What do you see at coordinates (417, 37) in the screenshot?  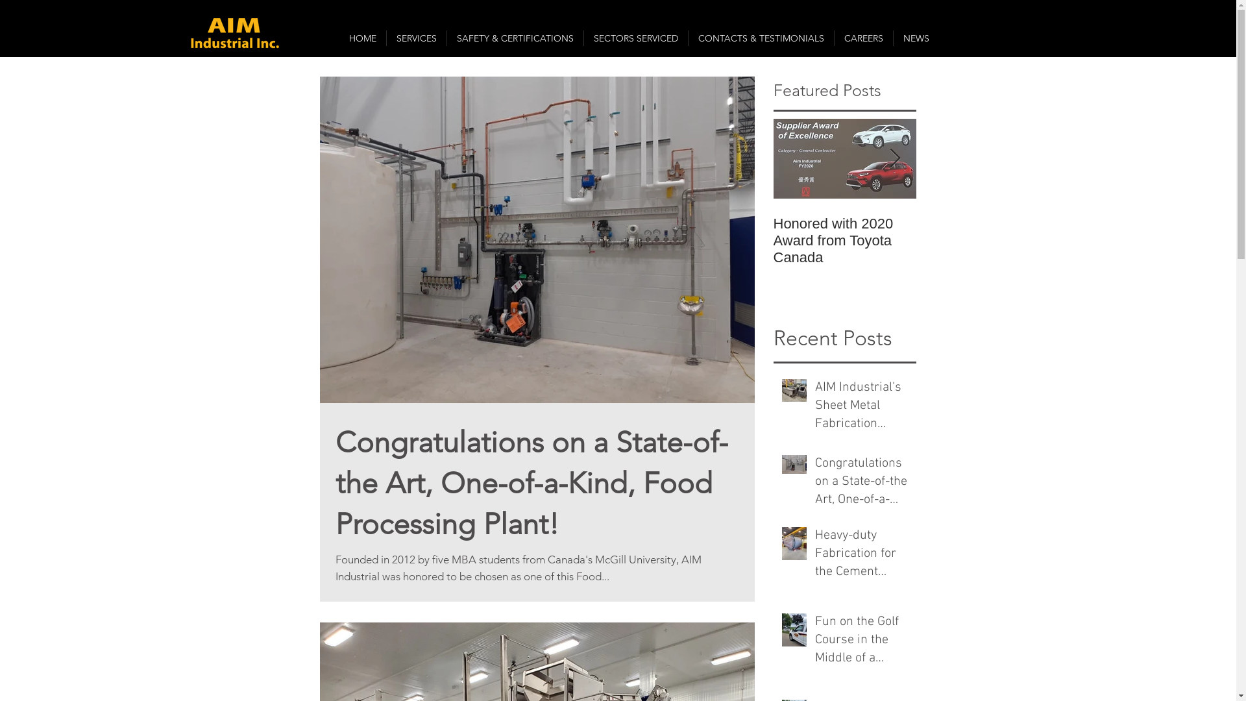 I see `'SERVICES'` at bounding box center [417, 37].